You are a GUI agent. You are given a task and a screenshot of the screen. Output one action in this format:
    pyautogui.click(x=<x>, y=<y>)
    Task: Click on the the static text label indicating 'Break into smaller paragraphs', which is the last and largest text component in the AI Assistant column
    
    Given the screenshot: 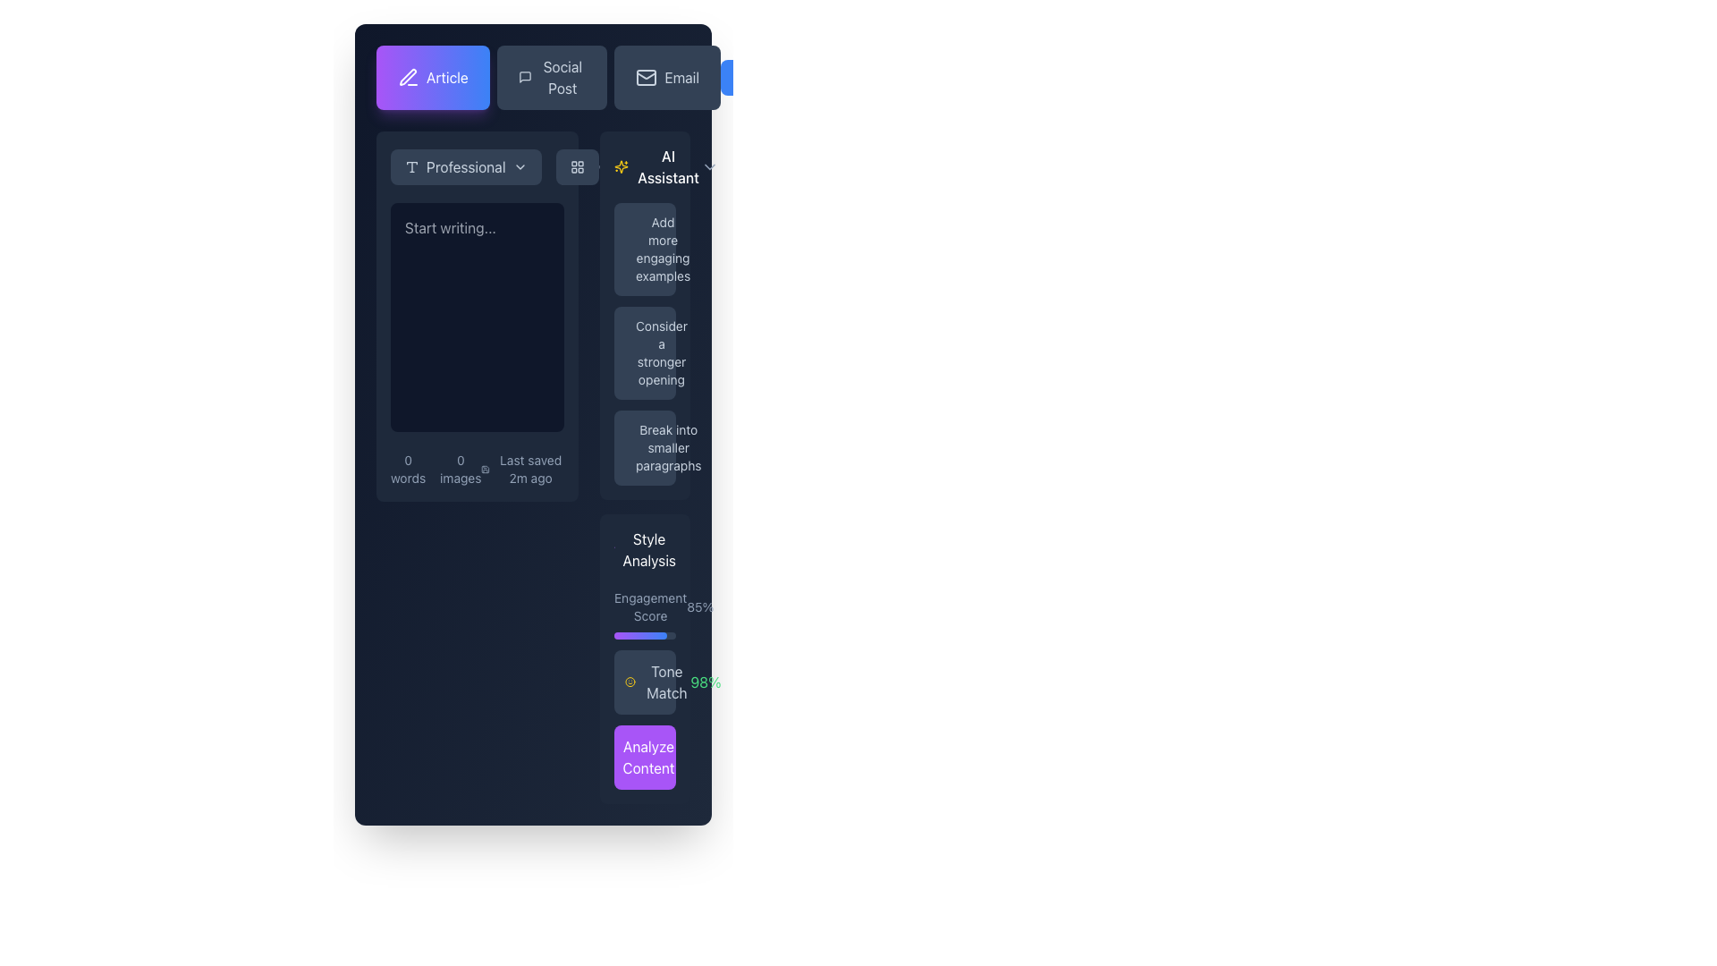 What is the action you would take?
    pyautogui.click(x=667, y=447)
    